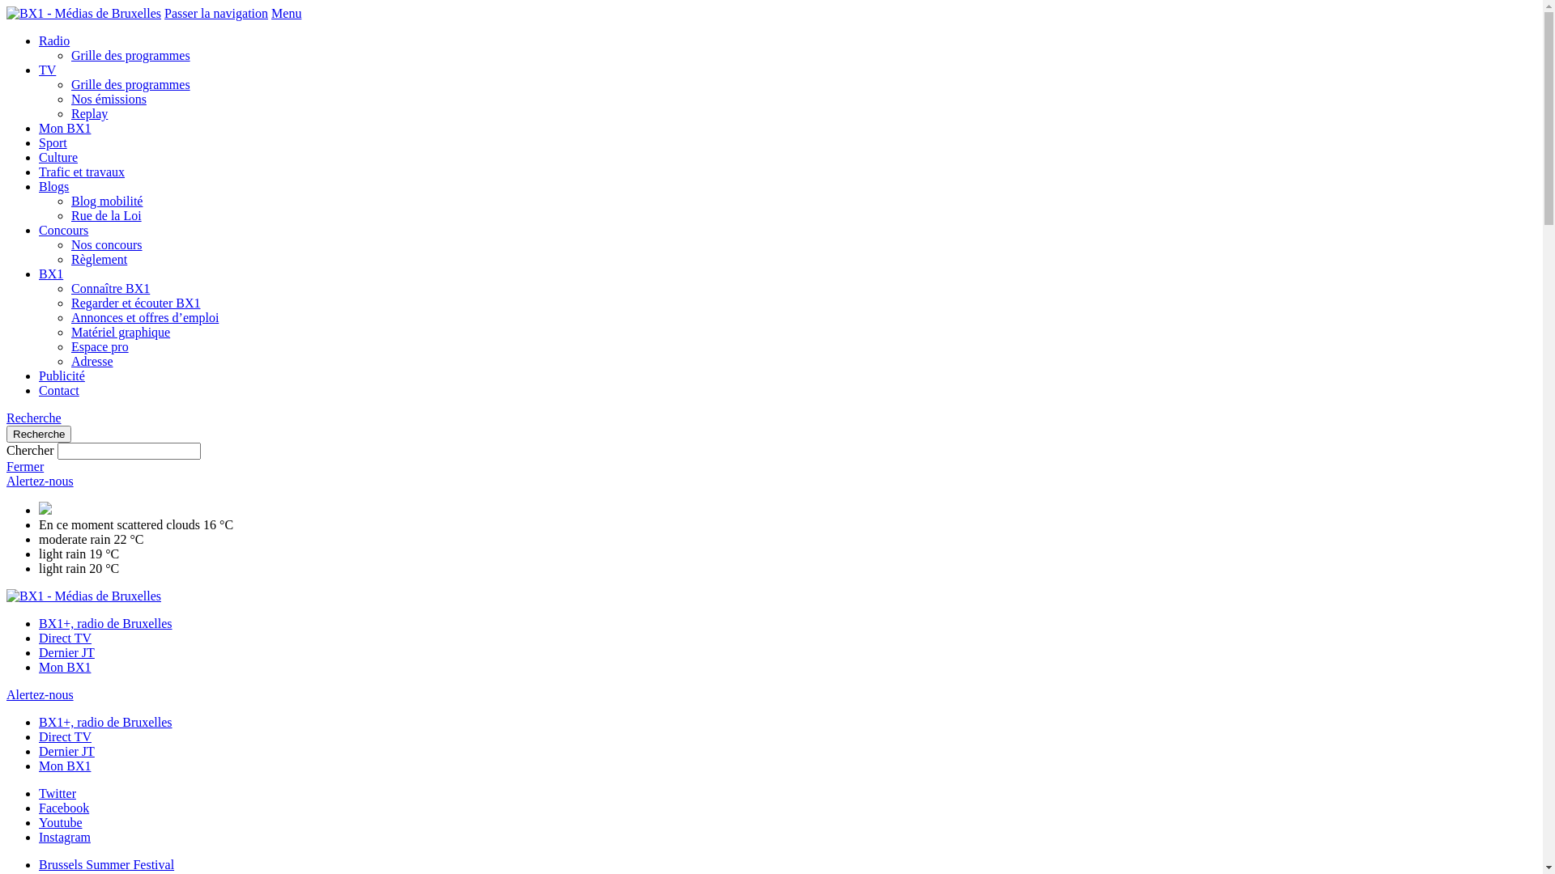  I want to click on 'Fermer', so click(24, 466).